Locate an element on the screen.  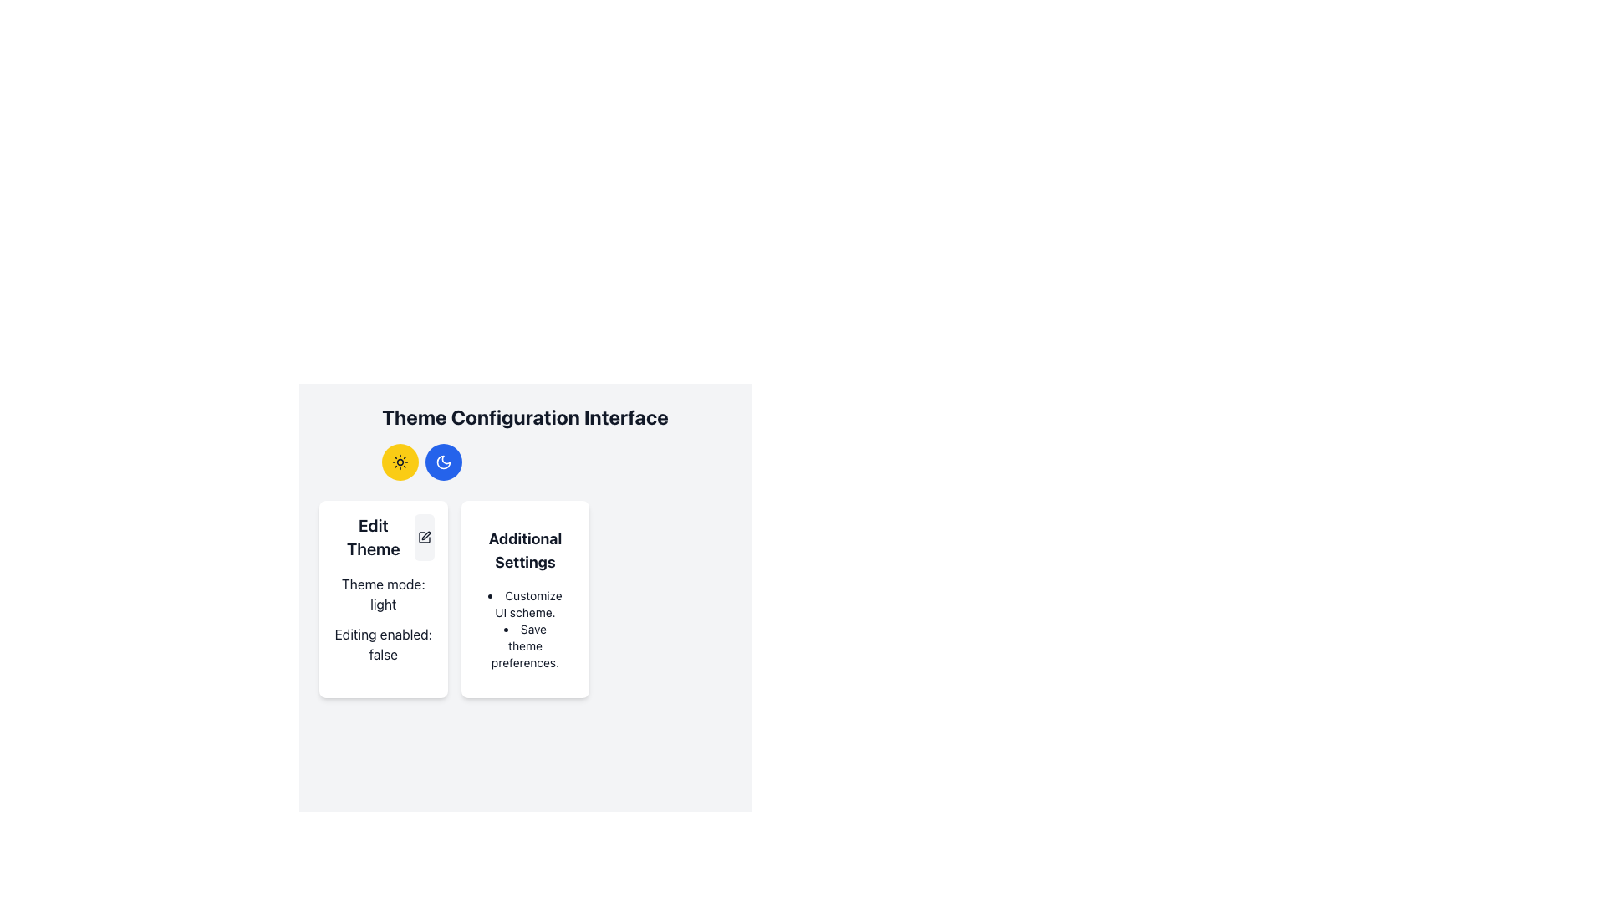
text from the list of options styled with bullets within the 'Additional Settings' card, which includes 'Customize UI scheme.' and 'Save theme preferences.' is located at coordinates (524, 629).